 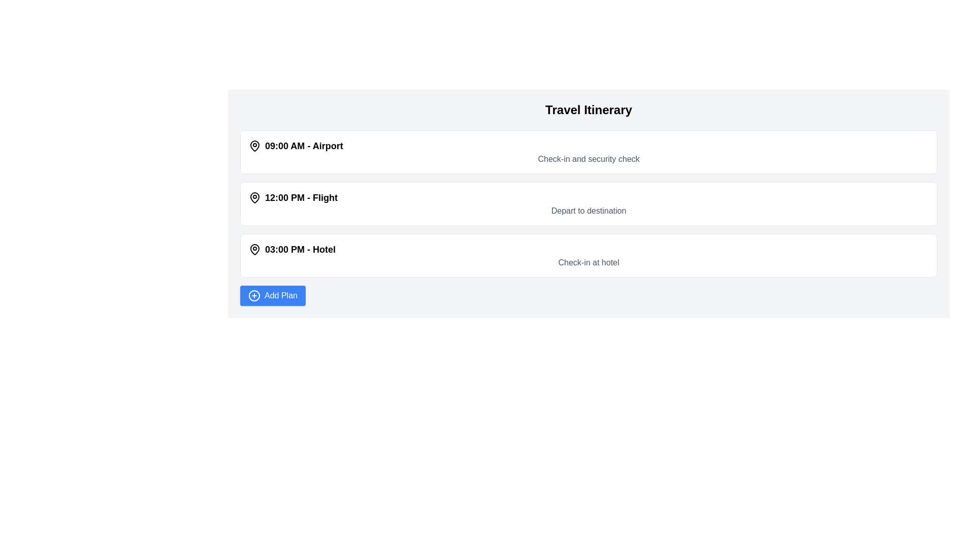 I want to click on the lower part of the map pin icon located to the left of the text '12:00 PM - Flight' in the second list item of the vertical itinerary view, so click(x=255, y=197).